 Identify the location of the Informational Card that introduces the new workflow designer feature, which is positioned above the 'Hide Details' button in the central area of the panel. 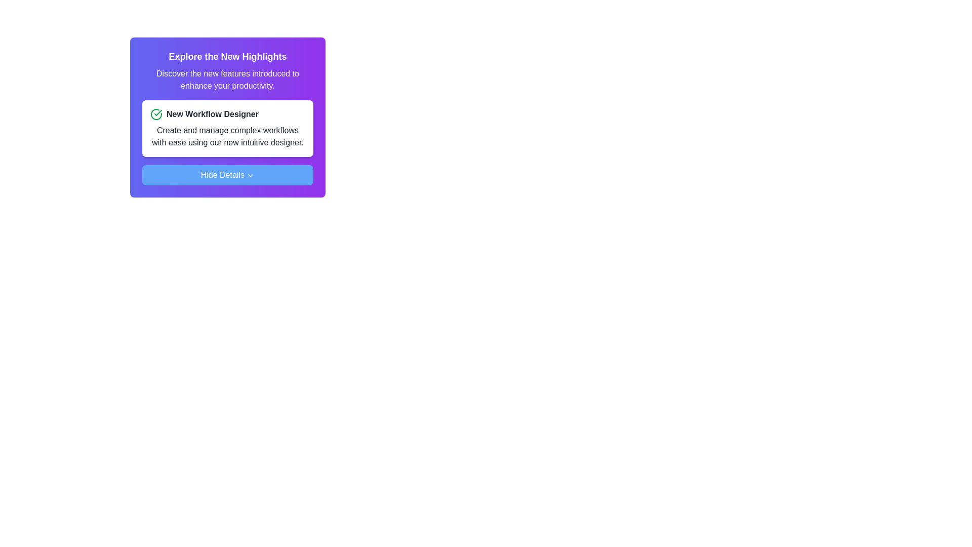
(227, 128).